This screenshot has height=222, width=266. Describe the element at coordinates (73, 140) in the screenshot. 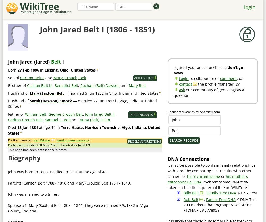

I see `'send private message'` at that location.